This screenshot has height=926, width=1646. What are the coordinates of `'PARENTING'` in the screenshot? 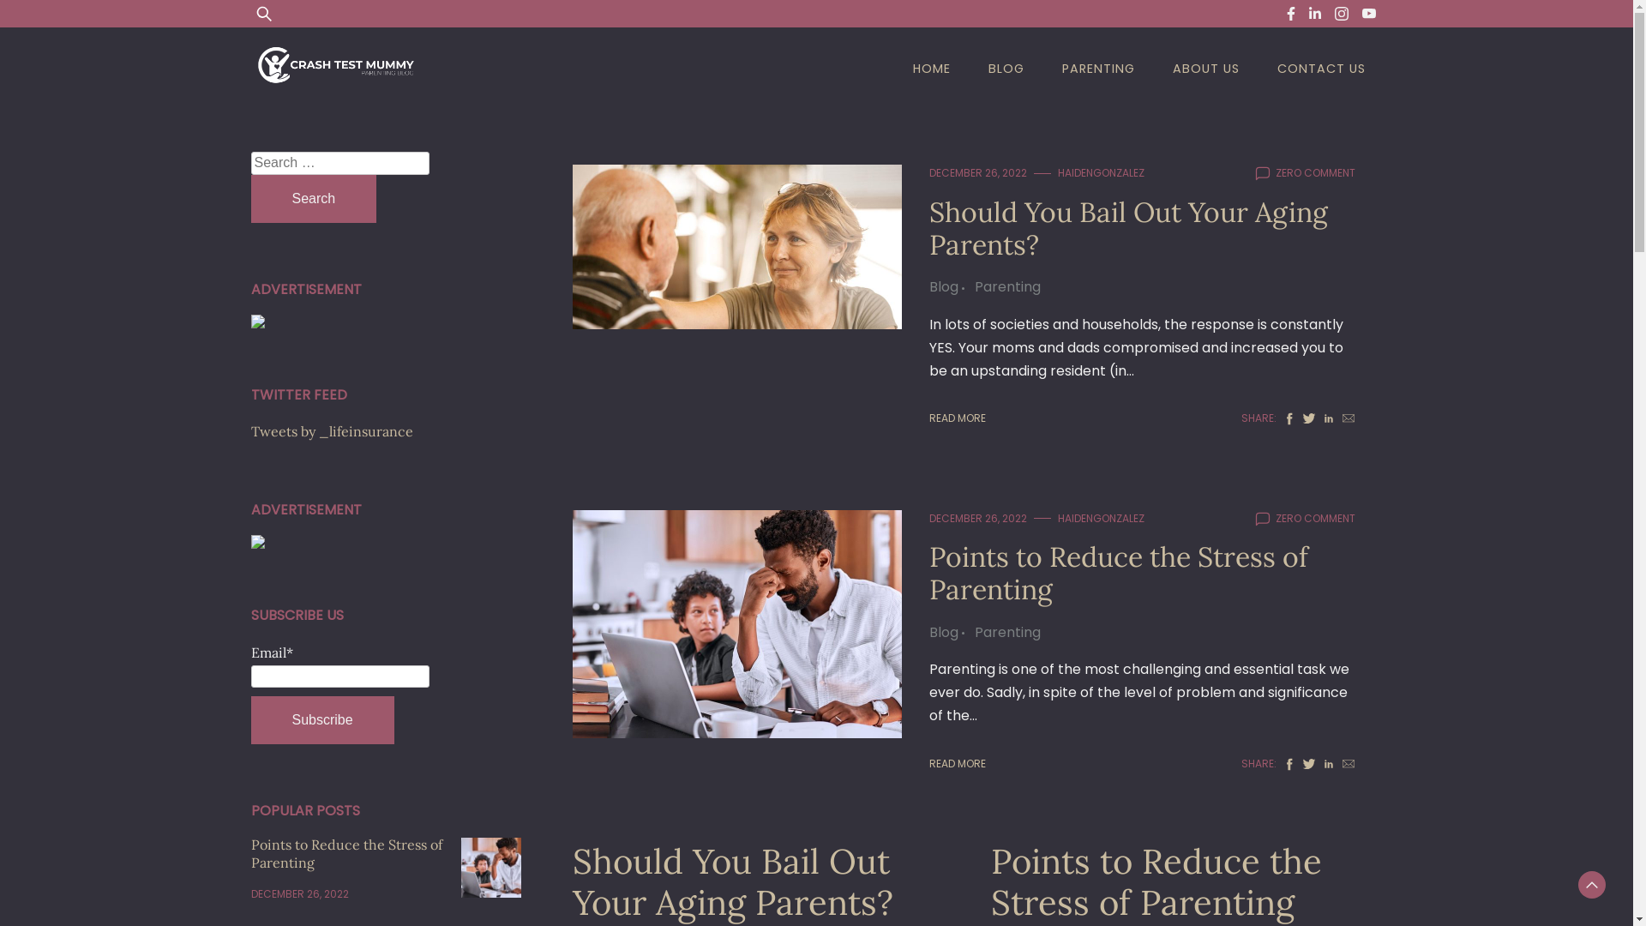 It's located at (1097, 68).